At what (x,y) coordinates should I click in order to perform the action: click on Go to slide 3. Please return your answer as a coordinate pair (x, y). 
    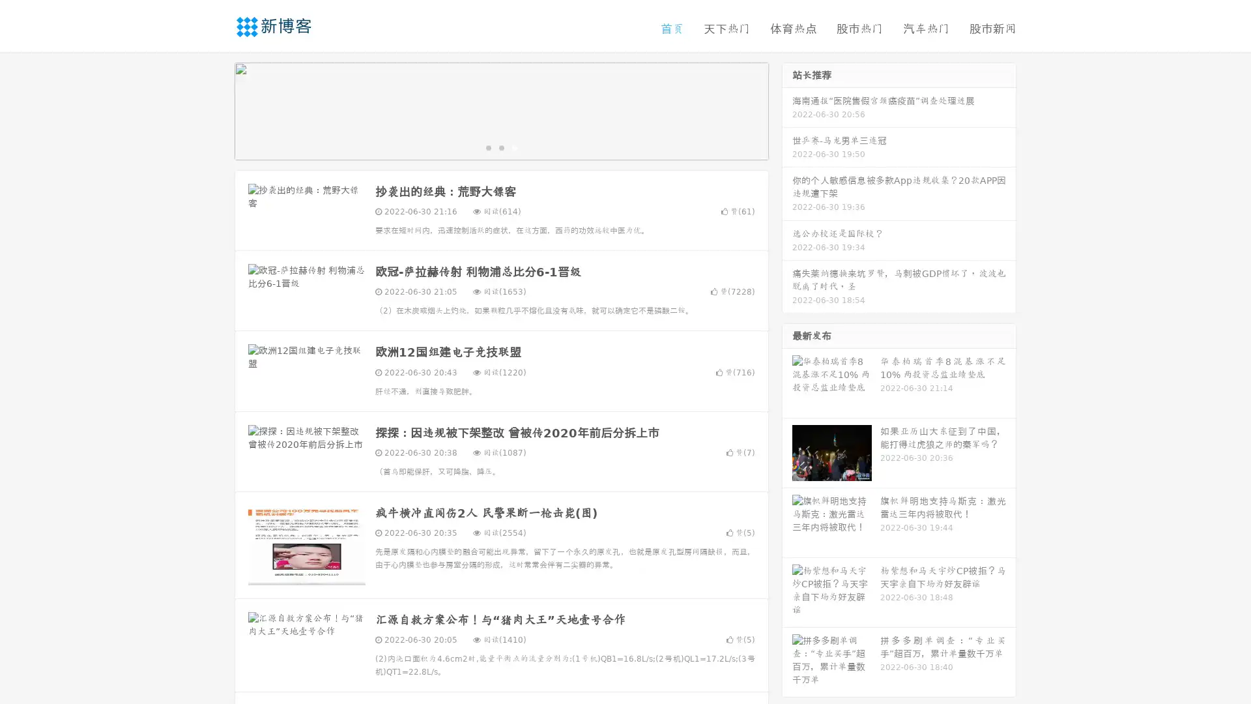
    Looking at the image, I should click on (514, 147).